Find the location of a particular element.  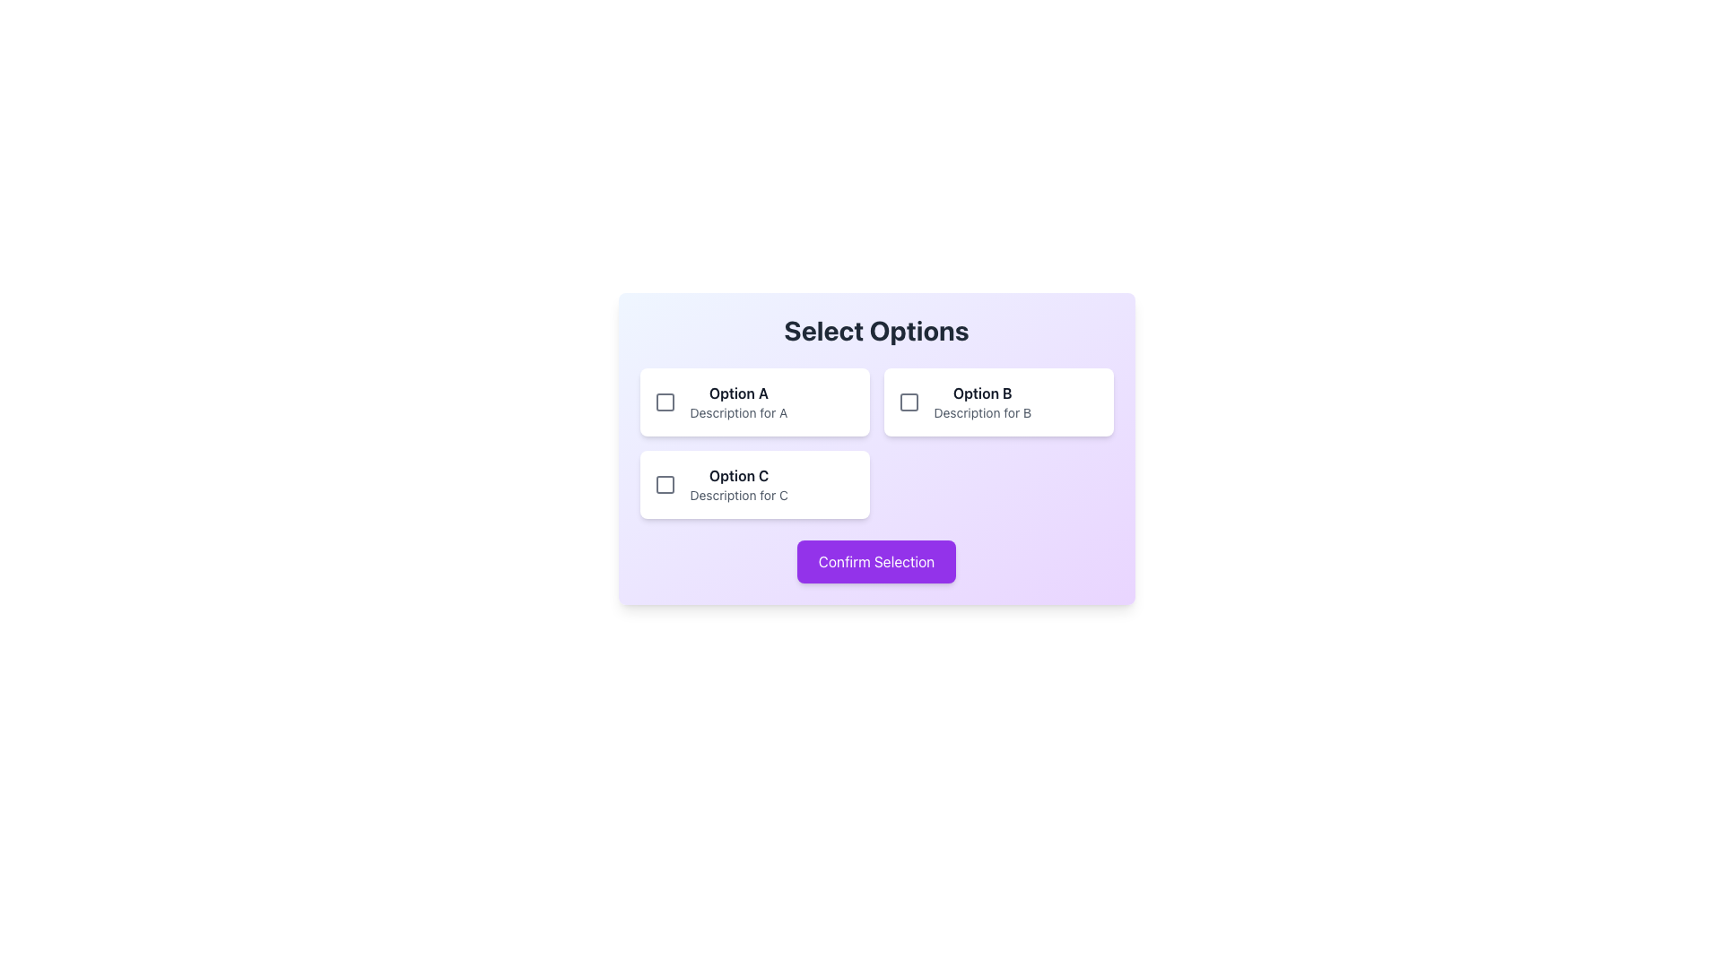

the SVG graphical element that visually represents the checked or unchecked state of the checkbox, located to the right of the 'Option B' label is located at coordinates (909, 401).